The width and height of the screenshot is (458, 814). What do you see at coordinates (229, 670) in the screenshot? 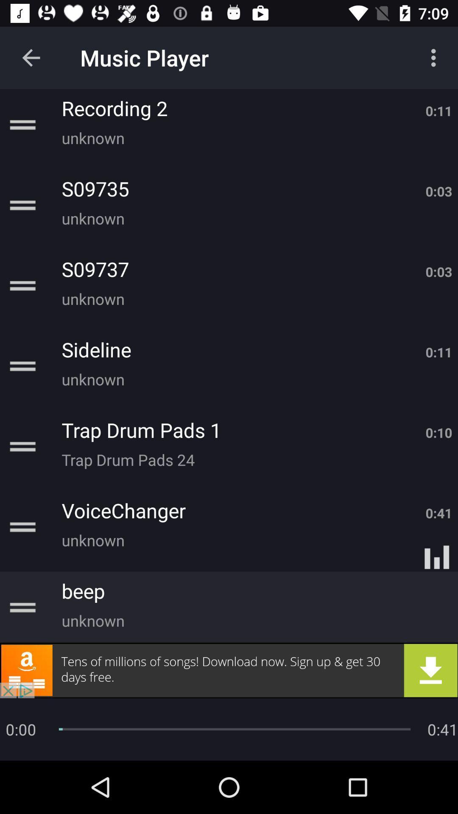
I see `click advertisement` at bounding box center [229, 670].